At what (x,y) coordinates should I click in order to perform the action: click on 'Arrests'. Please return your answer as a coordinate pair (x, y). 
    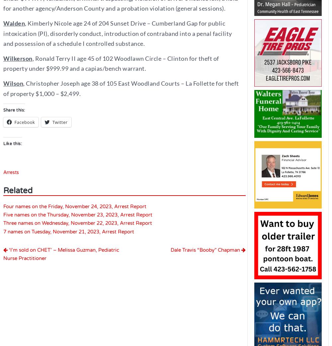
    Looking at the image, I should click on (3, 172).